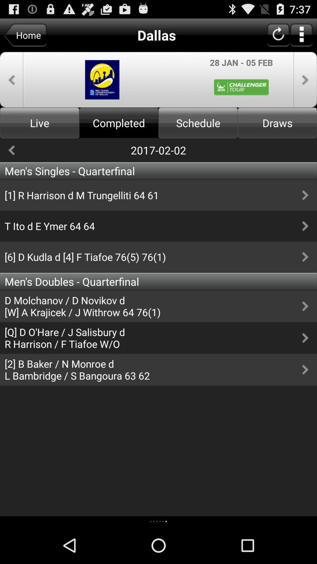 The image size is (317, 564). Describe the element at coordinates (277, 122) in the screenshot. I see `the button next to schedule` at that location.